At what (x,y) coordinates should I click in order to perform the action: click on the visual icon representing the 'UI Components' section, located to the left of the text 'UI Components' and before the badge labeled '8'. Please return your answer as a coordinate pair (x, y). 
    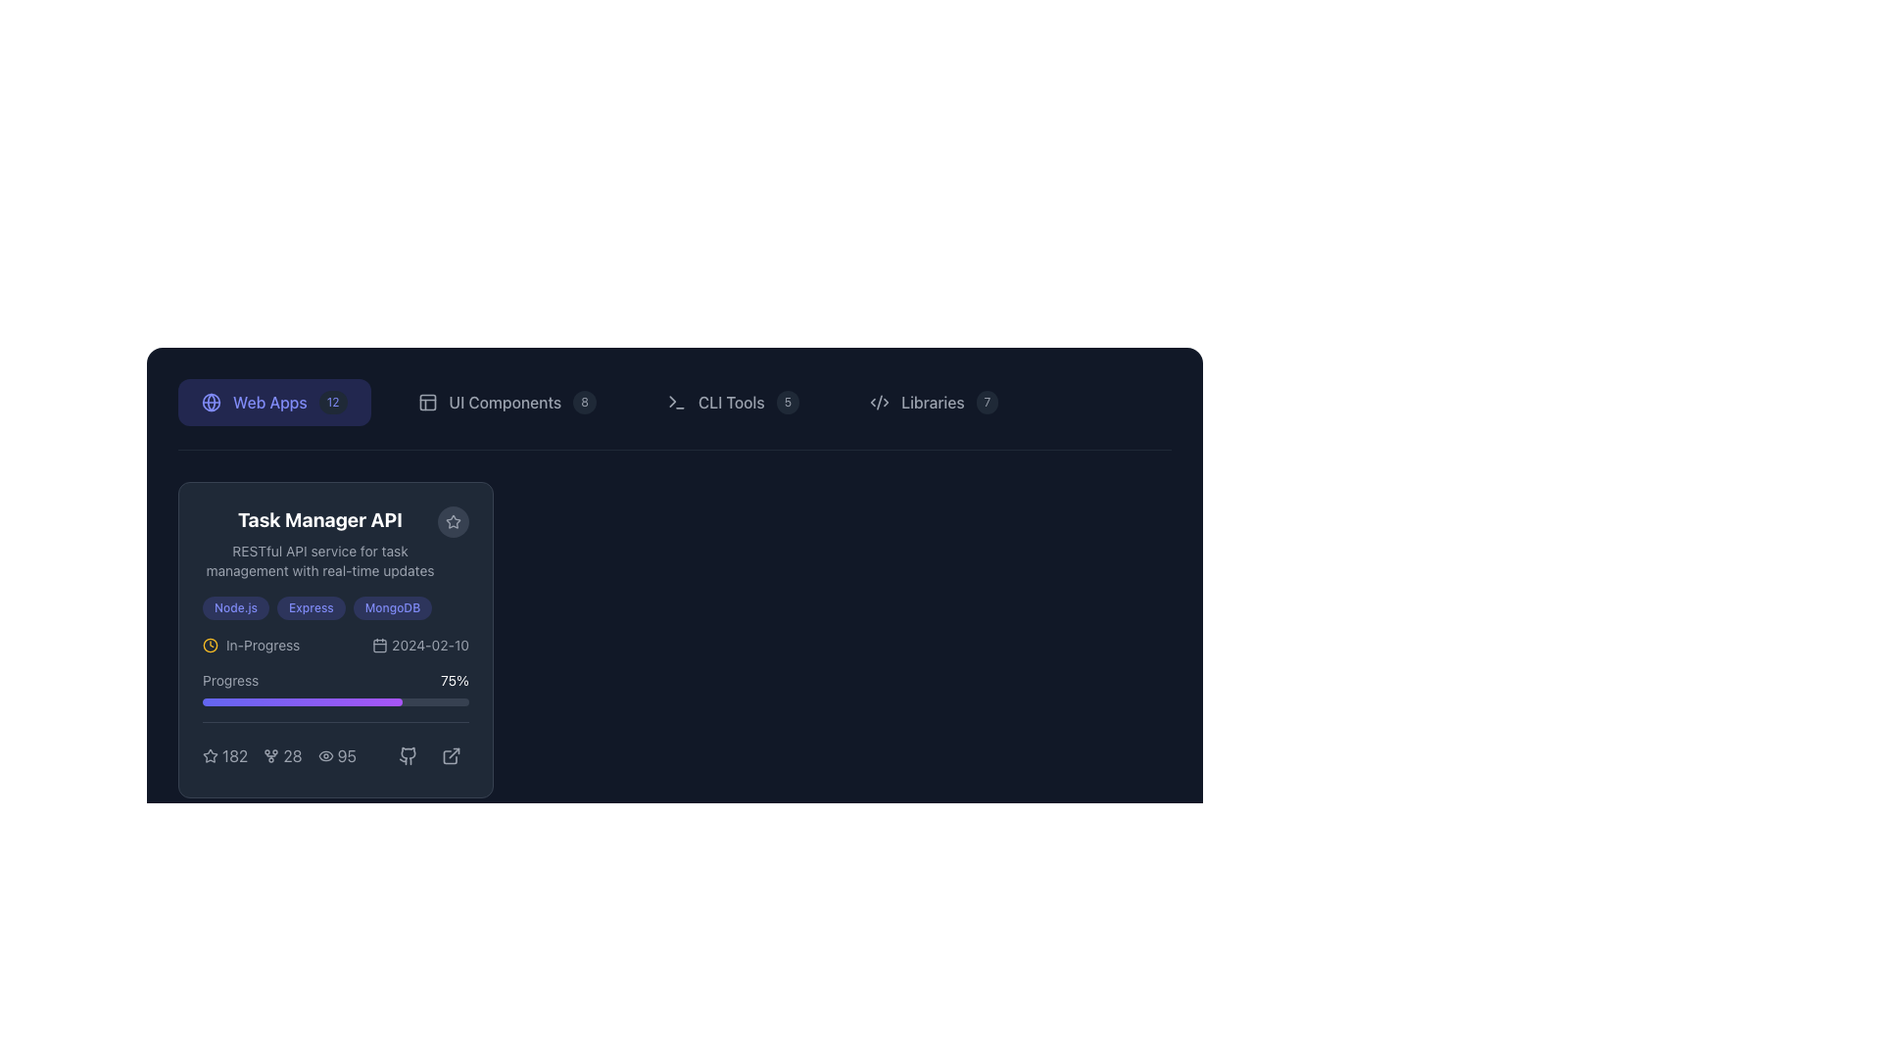
    Looking at the image, I should click on (426, 402).